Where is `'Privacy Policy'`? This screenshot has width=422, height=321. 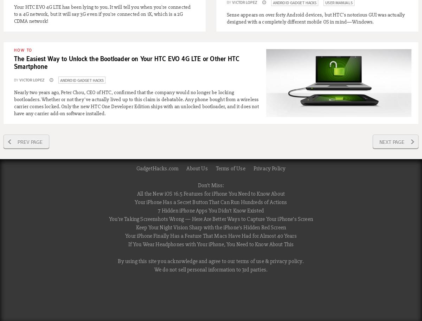
'Privacy Policy' is located at coordinates (253, 169).